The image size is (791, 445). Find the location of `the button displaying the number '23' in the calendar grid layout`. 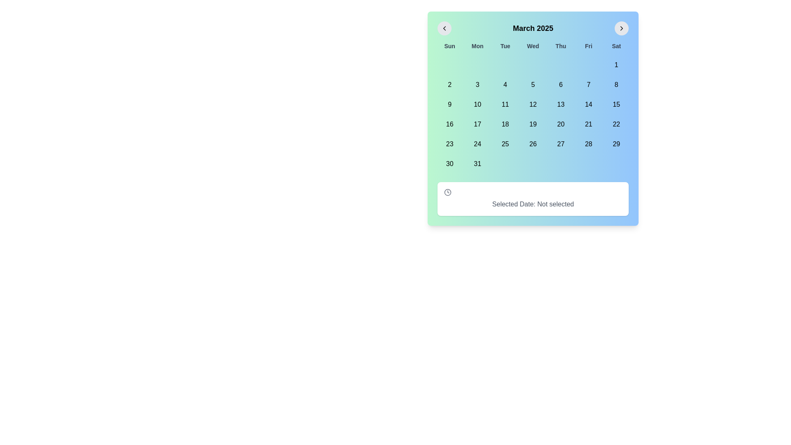

the button displaying the number '23' in the calendar grid layout is located at coordinates (449, 144).